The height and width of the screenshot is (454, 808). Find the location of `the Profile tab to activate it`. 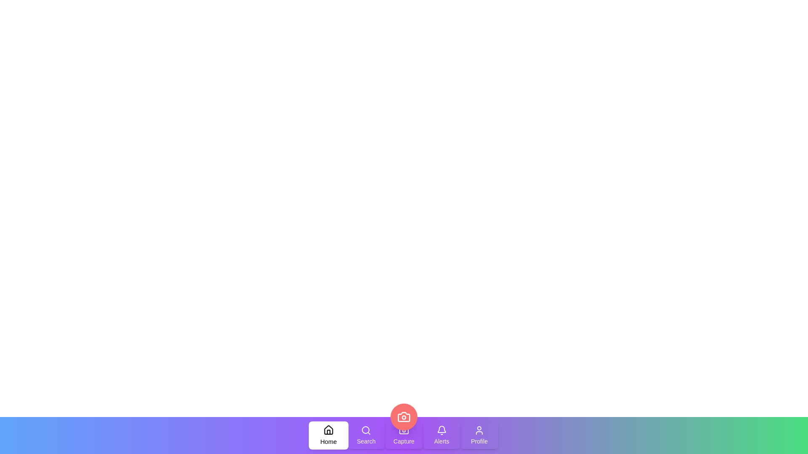

the Profile tab to activate it is located at coordinates (479, 435).